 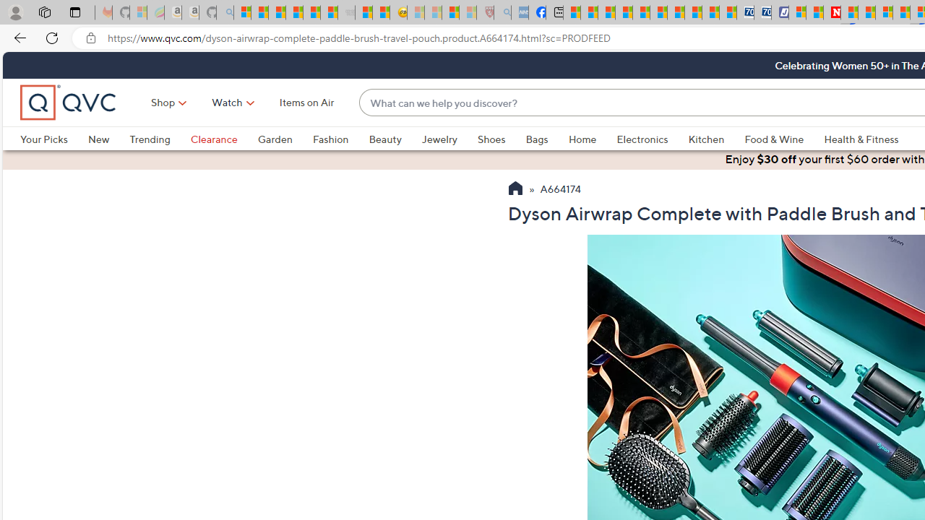 What do you see at coordinates (546, 139) in the screenshot?
I see `'Bags'` at bounding box center [546, 139].